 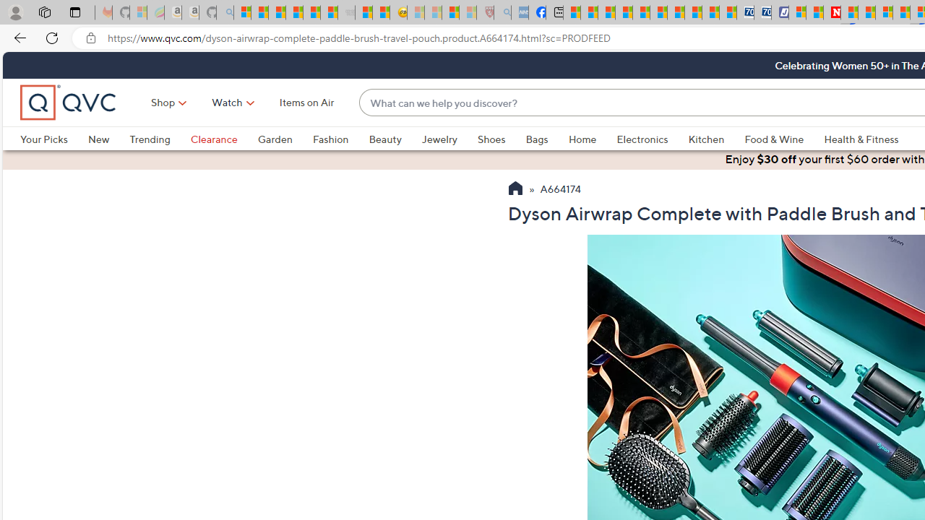 What do you see at coordinates (546, 139) in the screenshot?
I see `'Bags'` at bounding box center [546, 139].